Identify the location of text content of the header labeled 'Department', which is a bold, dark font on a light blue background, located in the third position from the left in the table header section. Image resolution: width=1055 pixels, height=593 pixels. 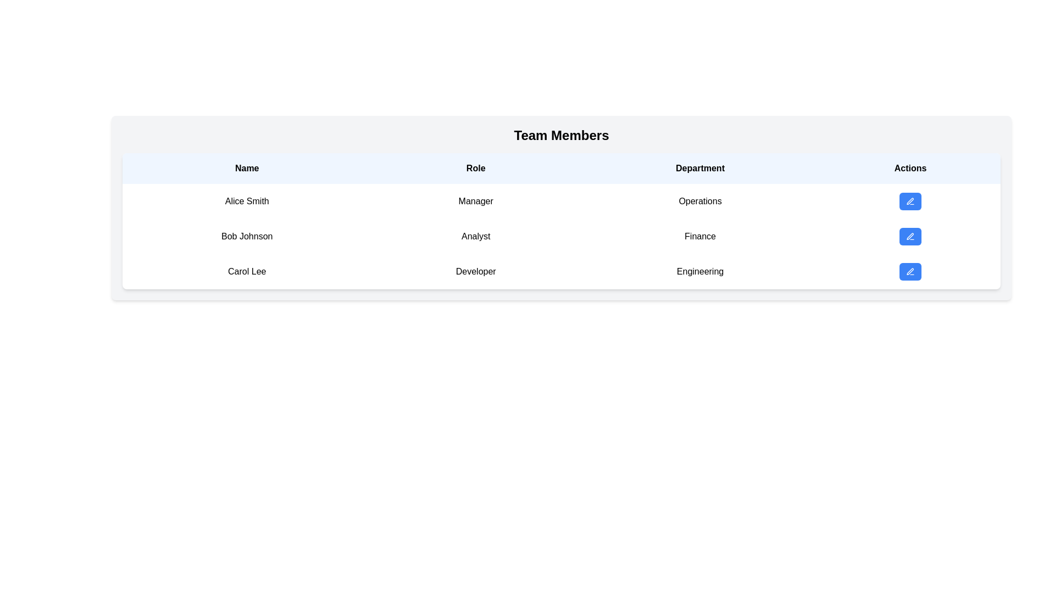
(699, 169).